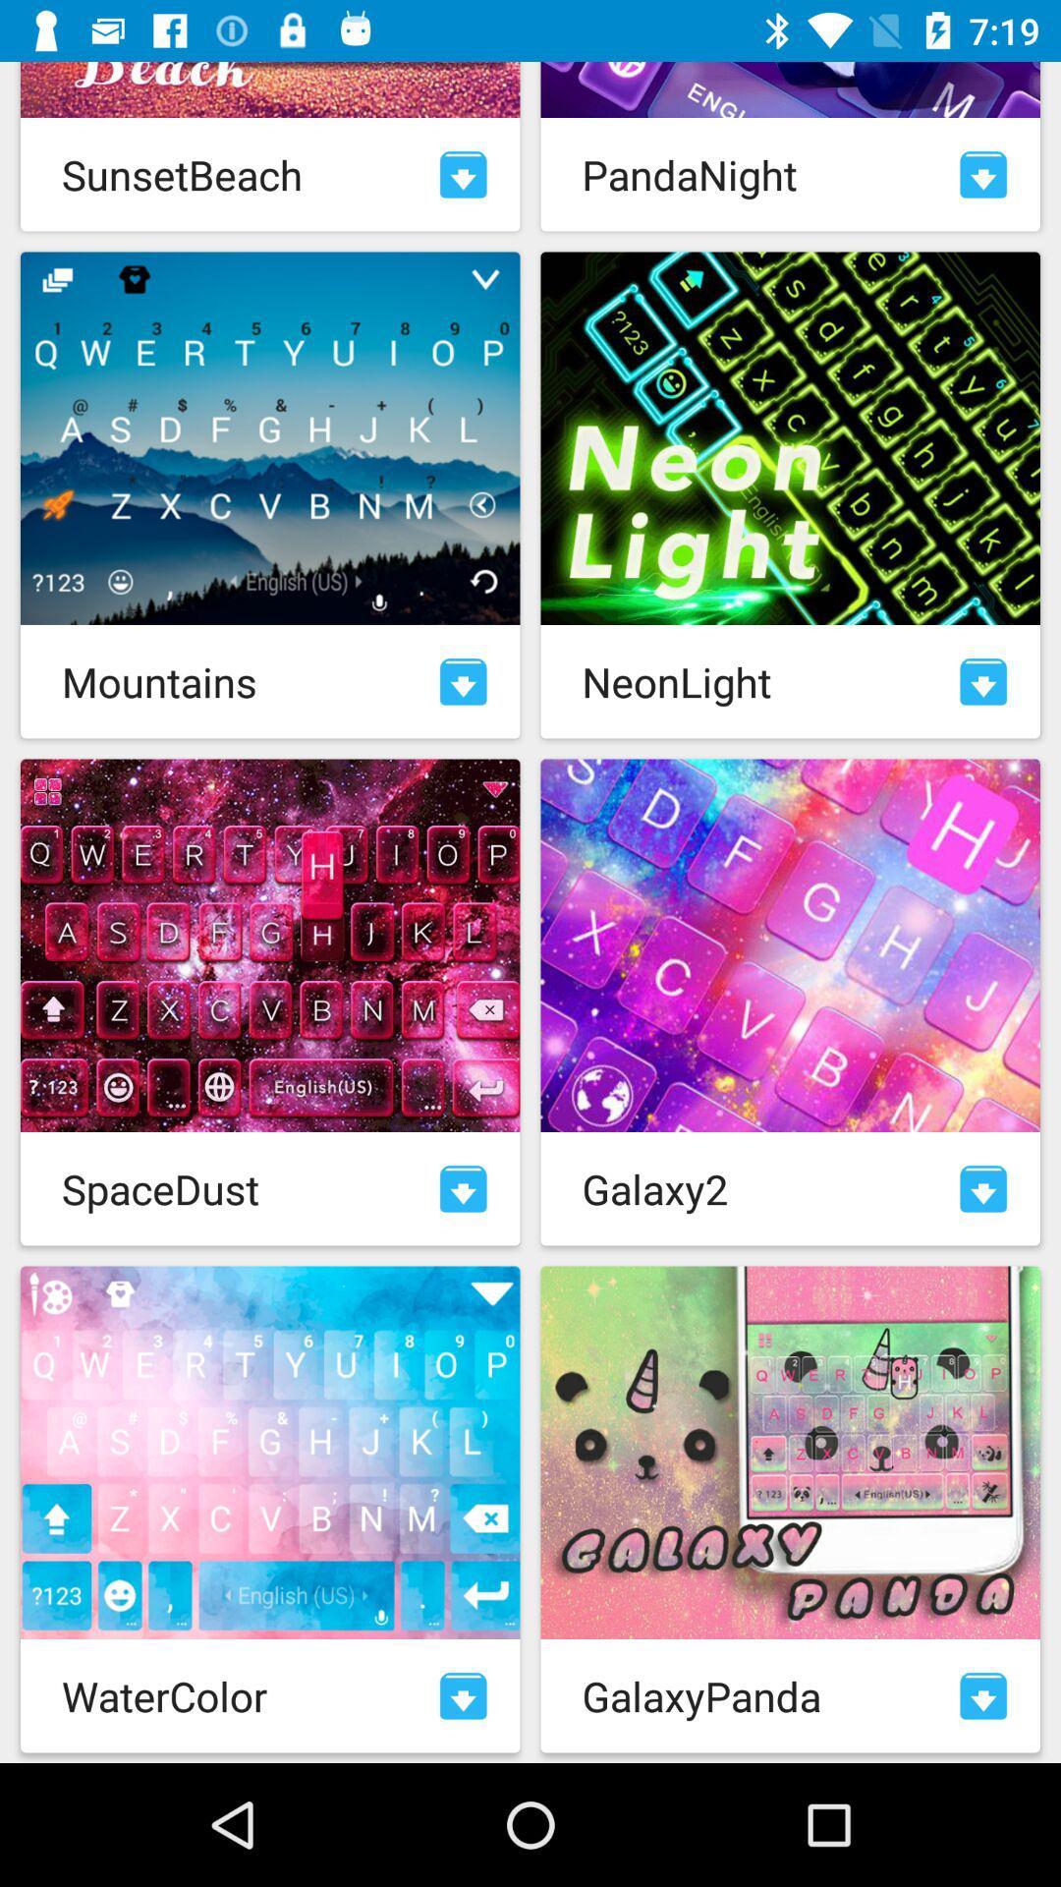  What do you see at coordinates (463, 1187) in the screenshot?
I see `download theme` at bounding box center [463, 1187].